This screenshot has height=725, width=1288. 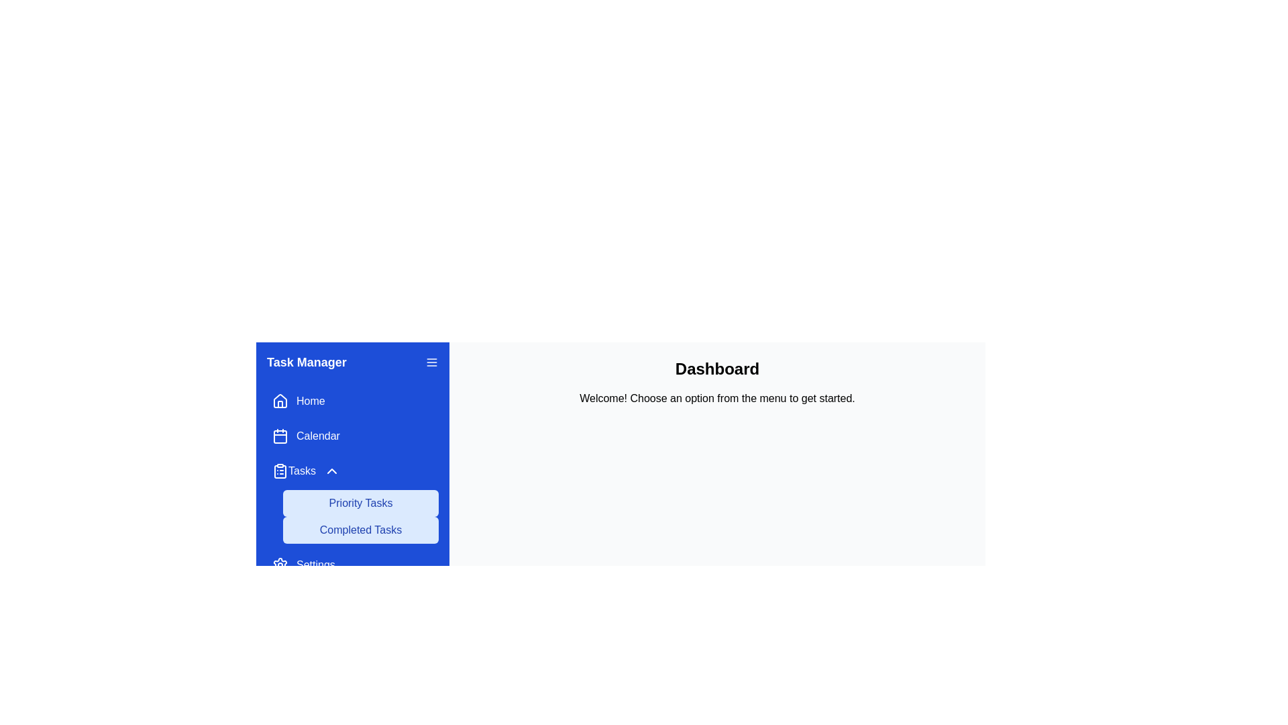 What do you see at coordinates (360, 503) in the screenshot?
I see `the 'Priority Tasks' button with a light blue background and blue text in the sidebar menu` at bounding box center [360, 503].